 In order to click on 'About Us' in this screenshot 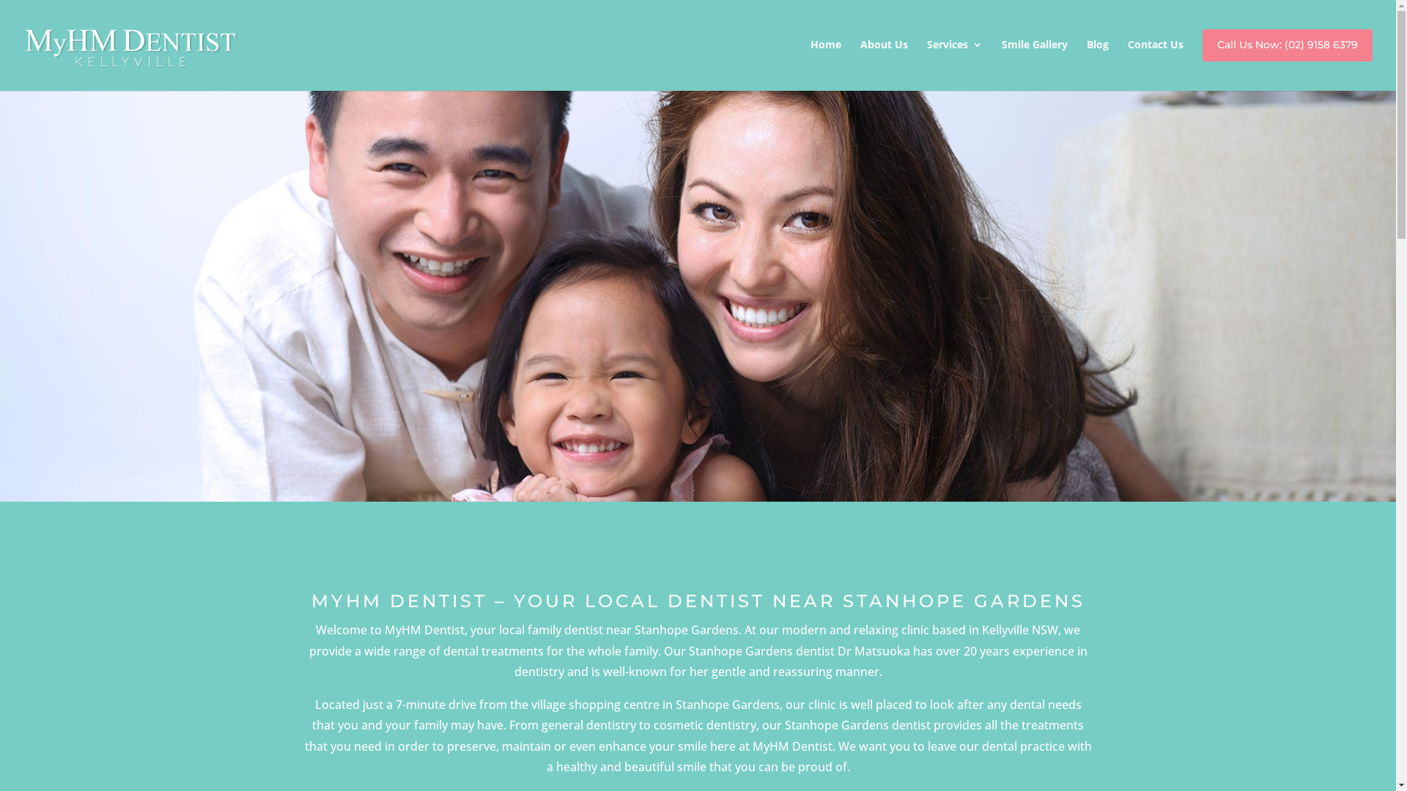, I will do `click(860, 59)`.